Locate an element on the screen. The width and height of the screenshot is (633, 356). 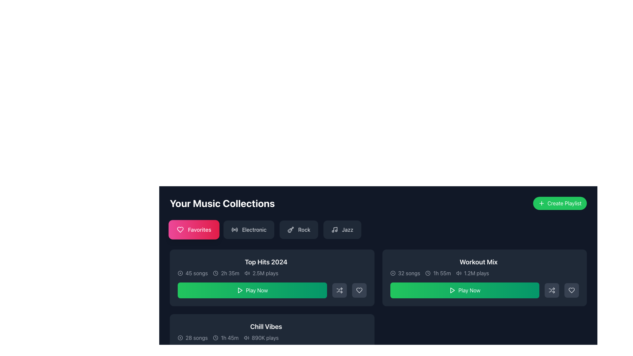
the SVG-based decorative icon component that is a circular icon with a thin stroke outline and a filled center circle, located to the left of the text '28 songs' in the 'Chill Vibes' collection interface is located at coordinates (180, 338).